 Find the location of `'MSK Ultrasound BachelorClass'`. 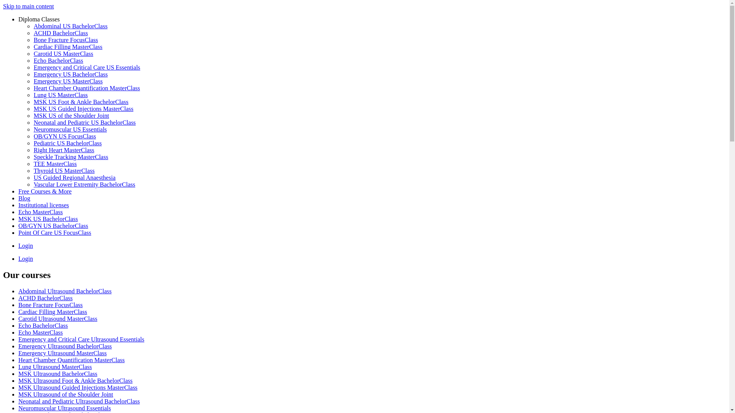

'MSK Ultrasound BachelorClass' is located at coordinates (18, 373).